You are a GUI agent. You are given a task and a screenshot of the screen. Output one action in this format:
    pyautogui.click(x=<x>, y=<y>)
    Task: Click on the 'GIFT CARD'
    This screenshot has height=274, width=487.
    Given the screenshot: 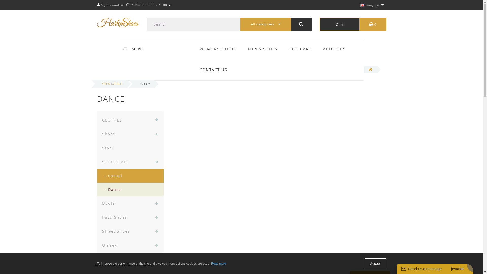 What is the action you would take?
    pyautogui.click(x=300, y=49)
    